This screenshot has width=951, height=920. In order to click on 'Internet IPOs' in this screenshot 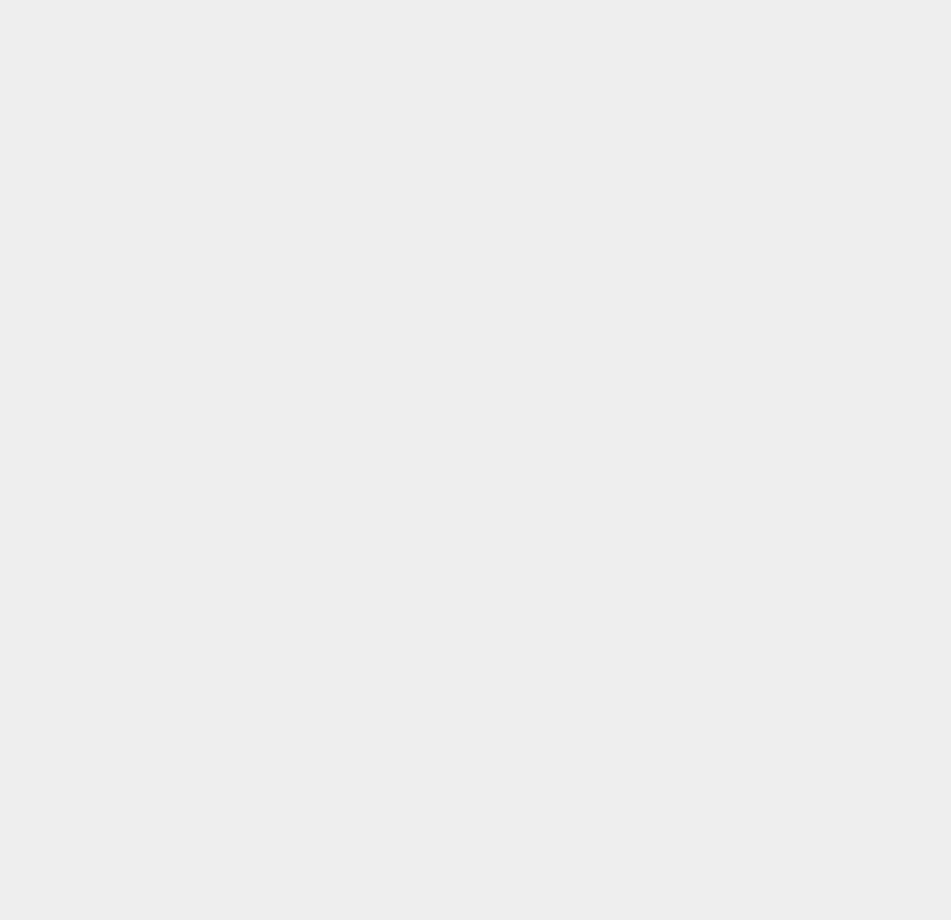, I will do `click(707, 215)`.